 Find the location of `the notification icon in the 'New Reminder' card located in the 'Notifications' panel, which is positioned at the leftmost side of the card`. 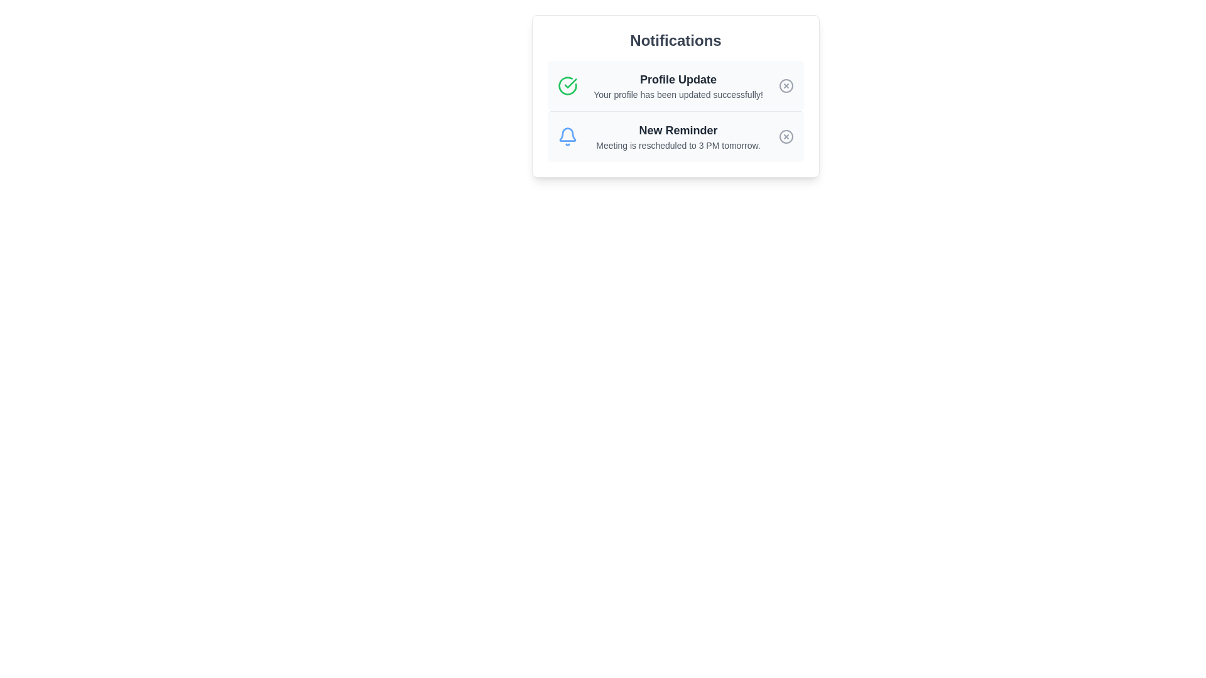

the notification icon in the 'New Reminder' card located in the 'Notifications' panel, which is positioned at the leftmost side of the card is located at coordinates (567, 134).